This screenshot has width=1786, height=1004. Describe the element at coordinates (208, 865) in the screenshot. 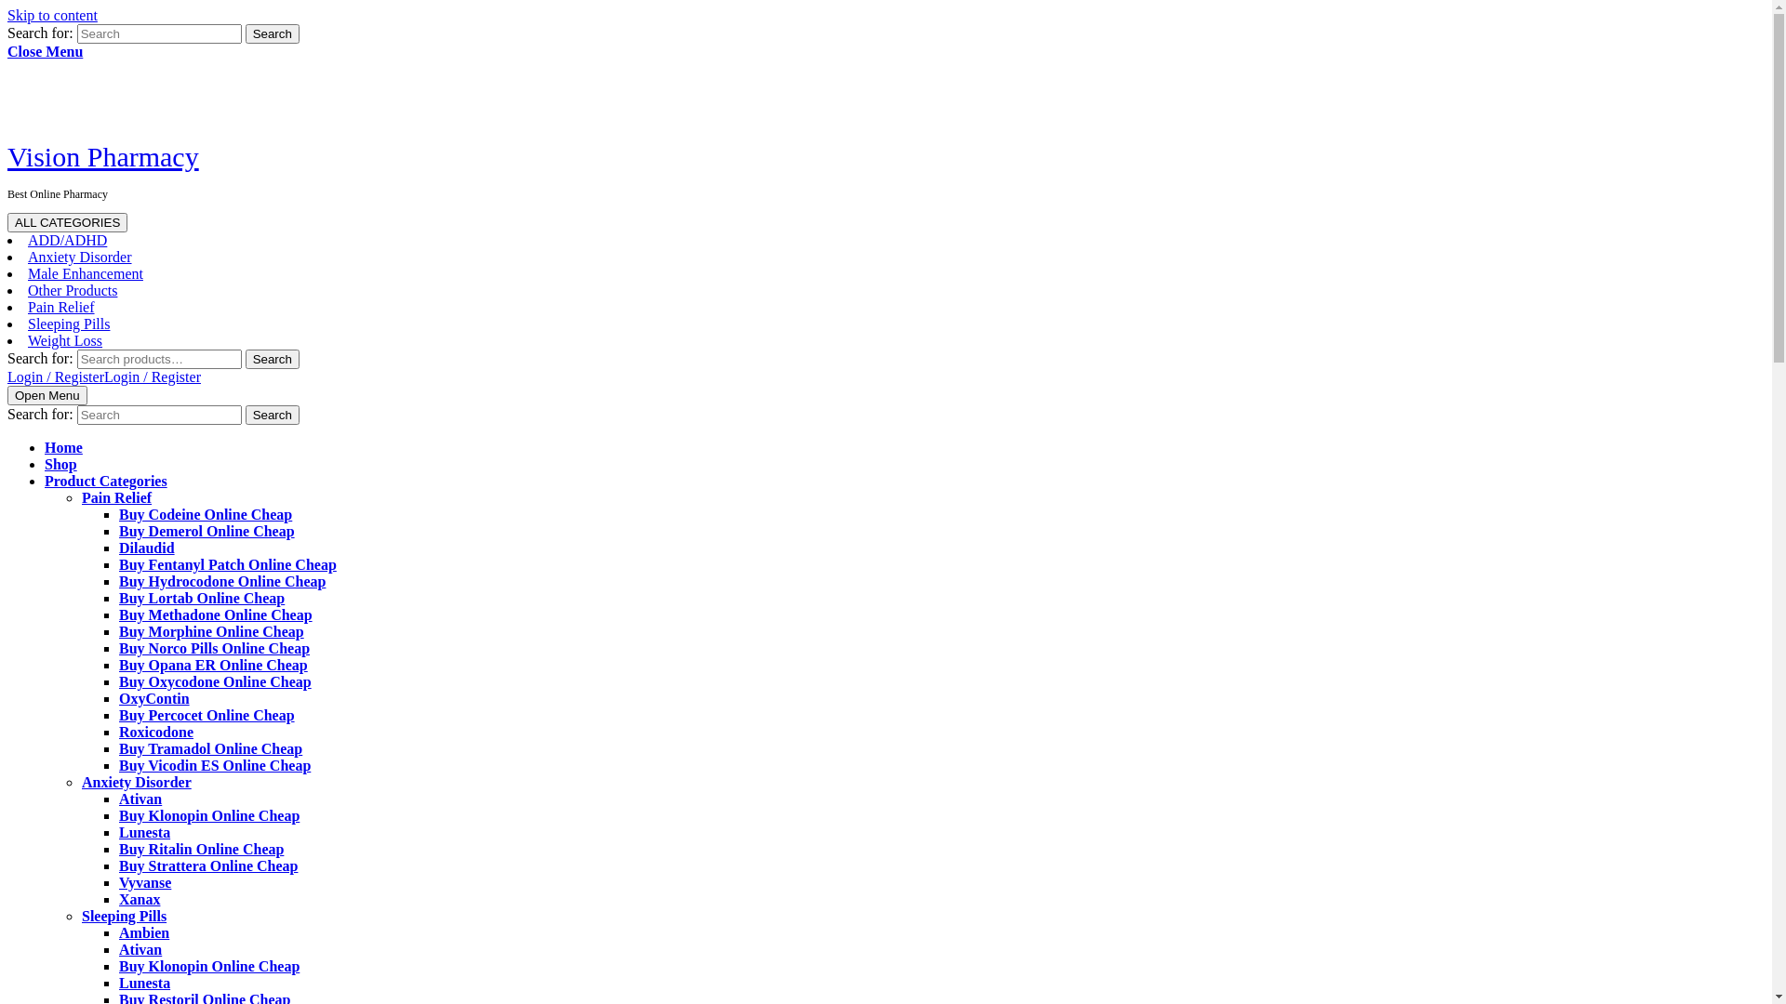

I see `'Buy Strattera Online Cheap'` at that location.